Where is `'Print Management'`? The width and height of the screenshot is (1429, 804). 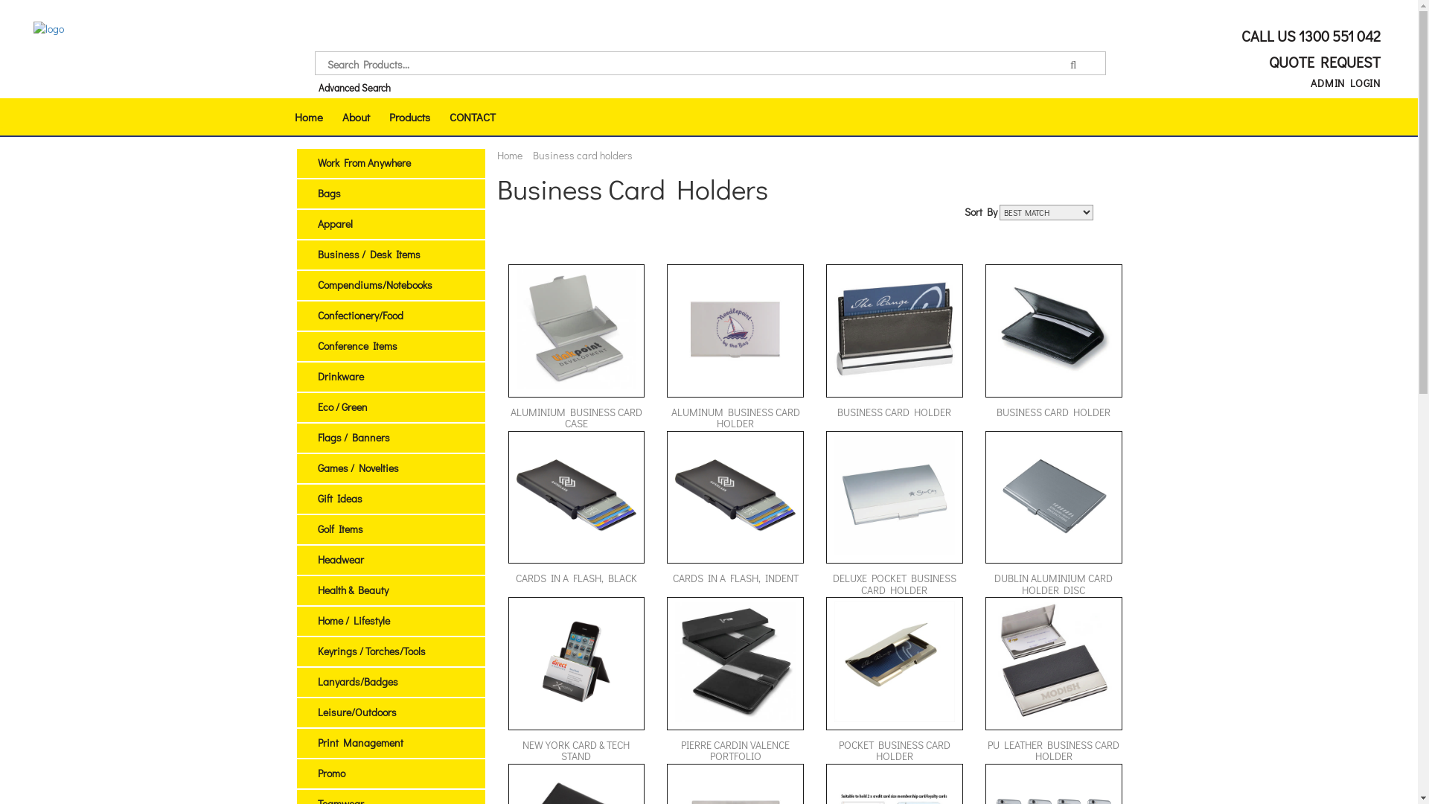 'Print Management' is located at coordinates (359, 742).